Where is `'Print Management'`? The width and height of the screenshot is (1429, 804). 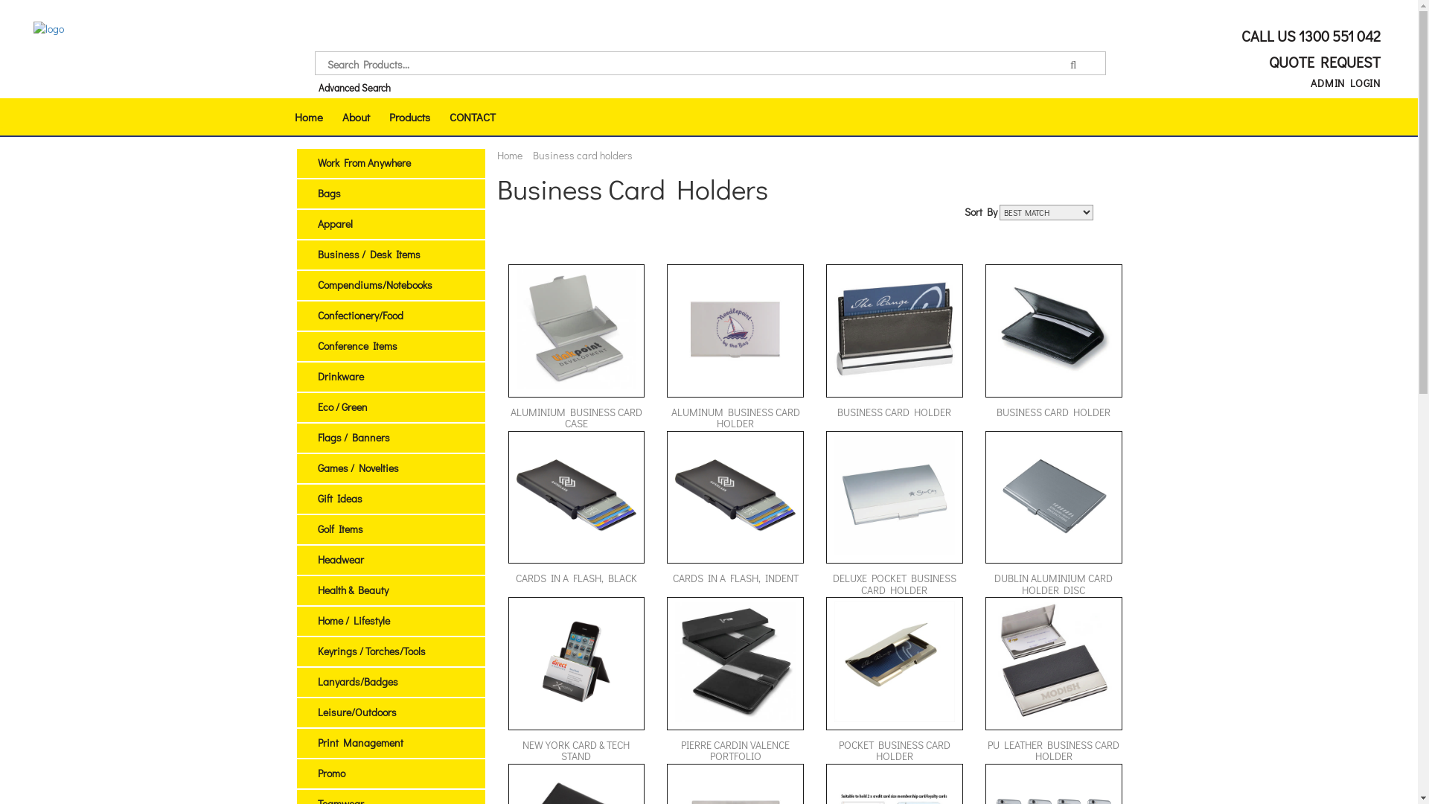 'Print Management' is located at coordinates (359, 742).